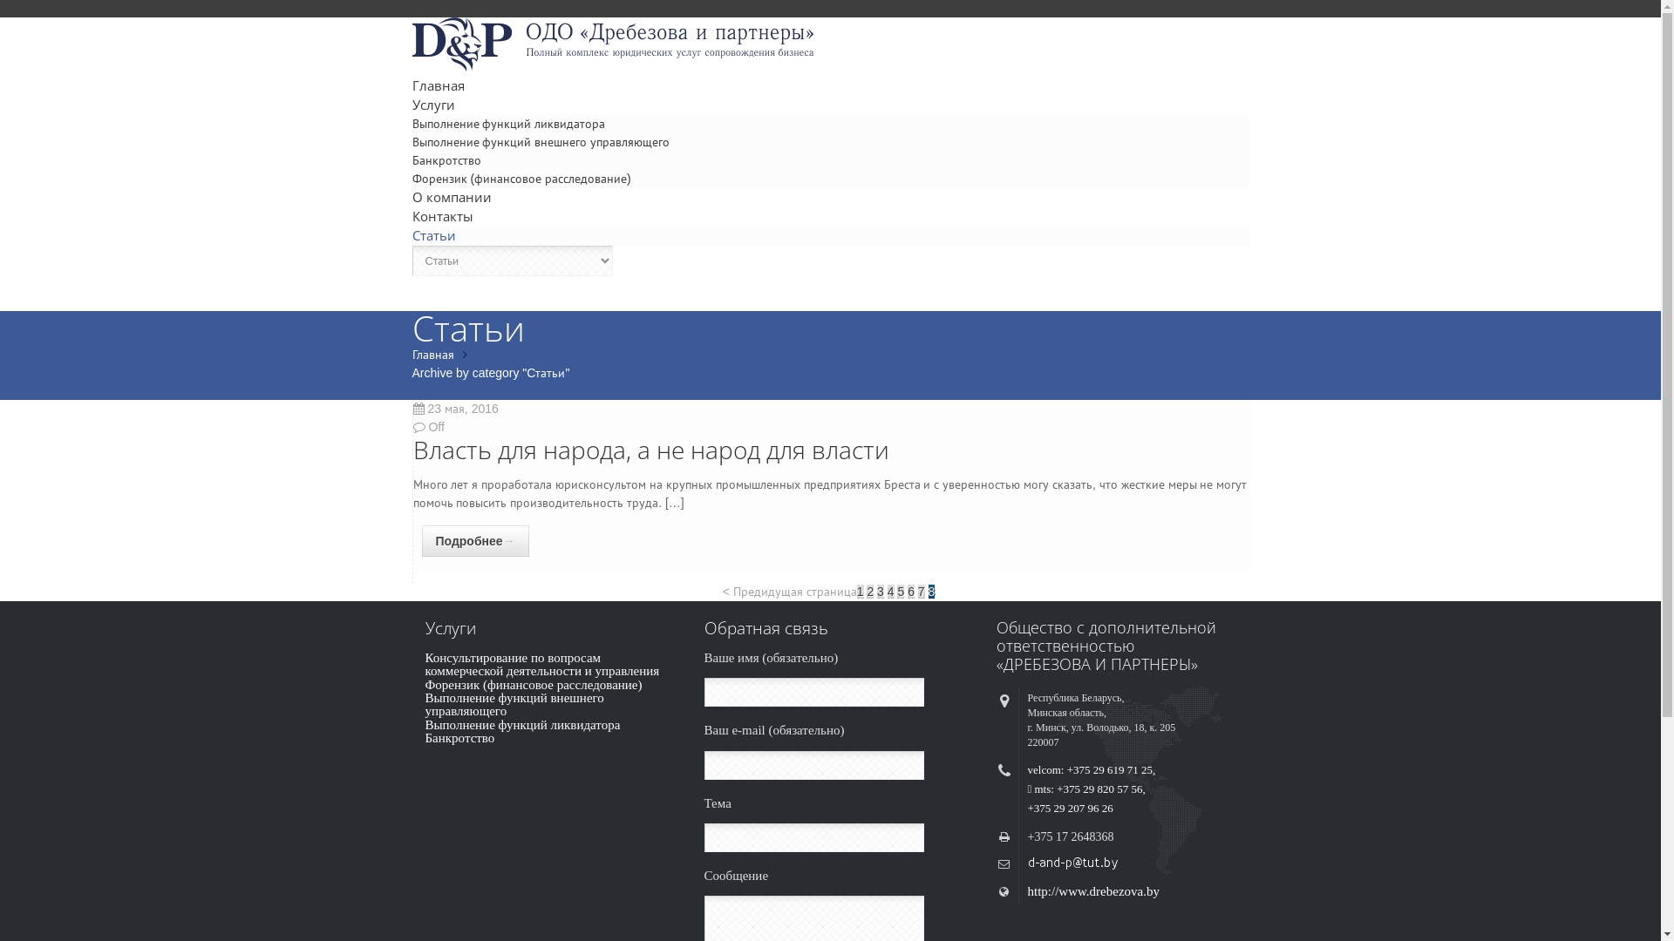 The width and height of the screenshot is (1674, 941). What do you see at coordinates (910, 590) in the screenshot?
I see `'6'` at bounding box center [910, 590].